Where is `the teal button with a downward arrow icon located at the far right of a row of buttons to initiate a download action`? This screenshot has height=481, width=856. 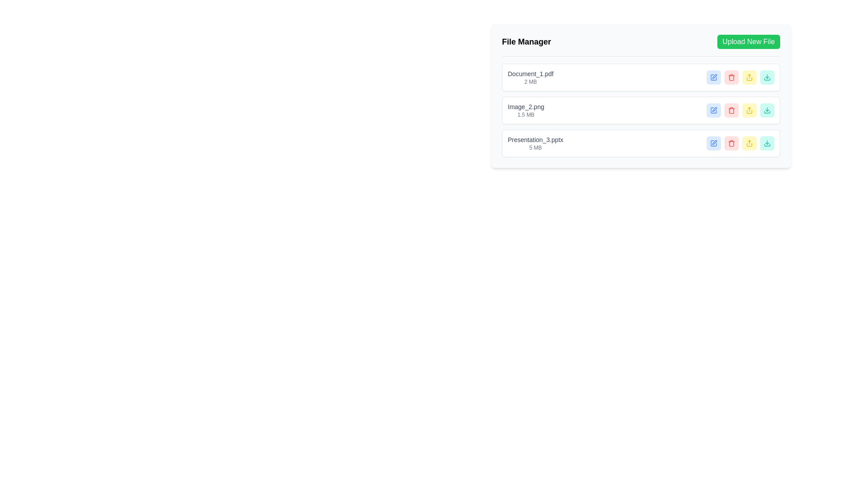 the teal button with a downward arrow icon located at the far right of a row of buttons to initiate a download action is located at coordinates (767, 143).